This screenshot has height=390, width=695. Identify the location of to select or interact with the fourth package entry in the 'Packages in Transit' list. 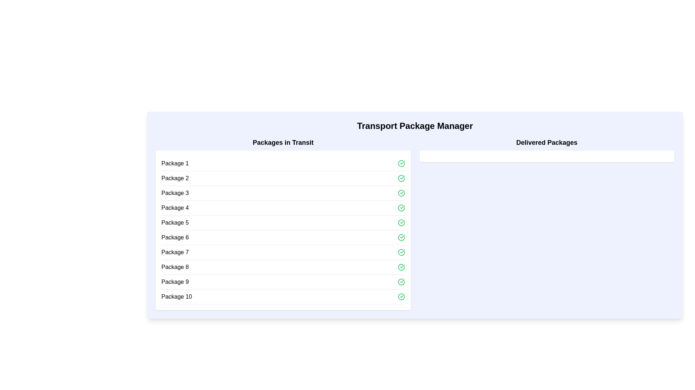
(283, 208).